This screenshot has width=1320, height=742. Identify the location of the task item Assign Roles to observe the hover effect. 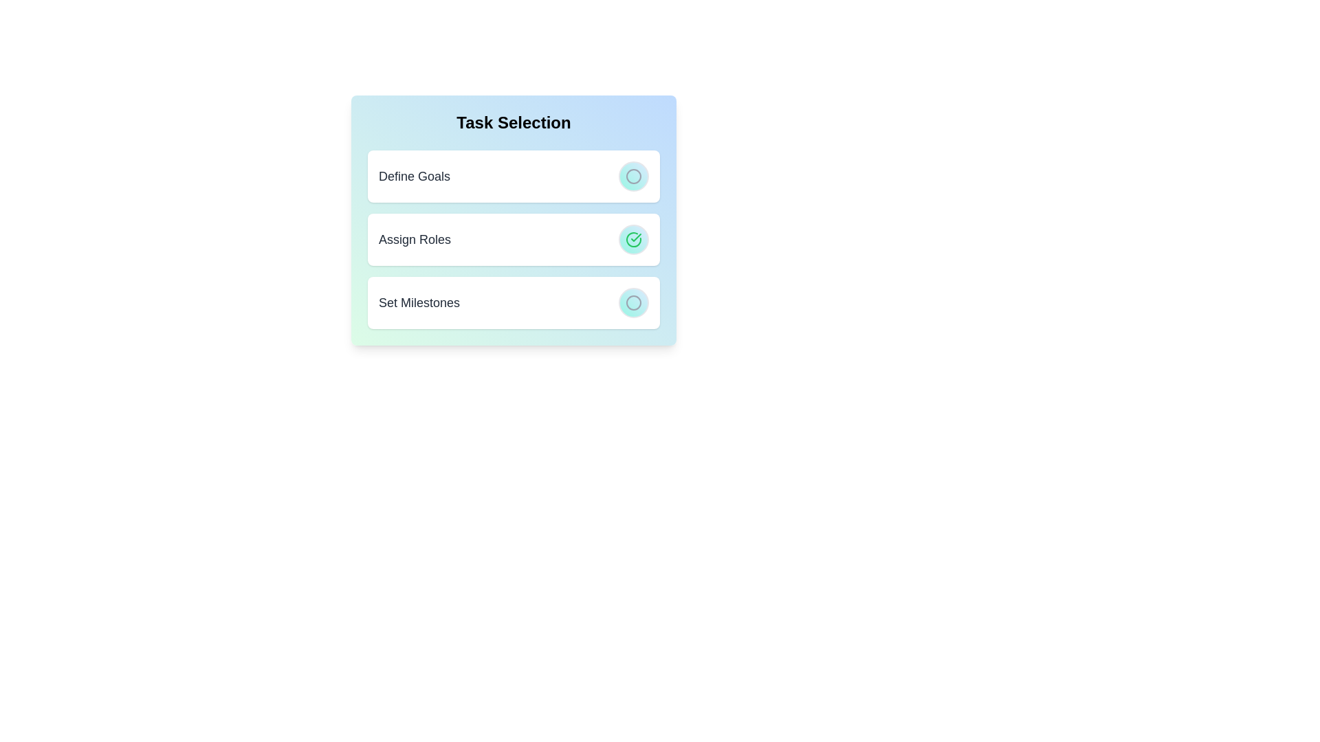
(513, 238).